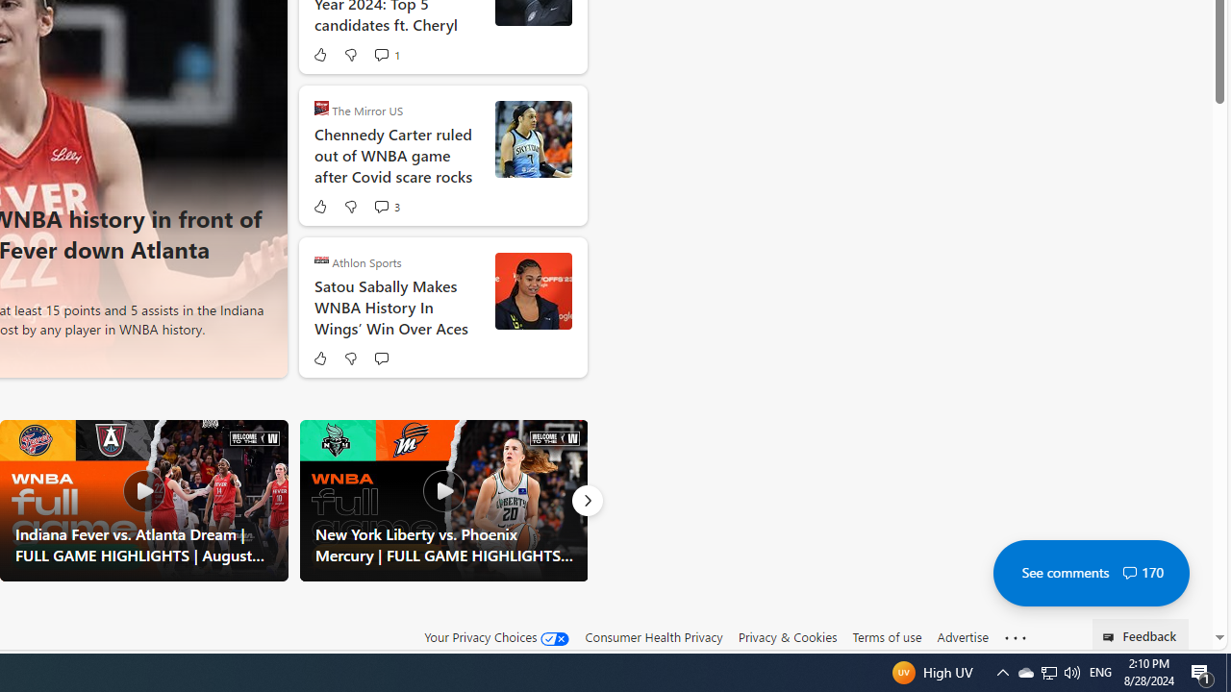 Image resolution: width=1231 pixels, height=692 pixels. Describe the element at coordinates (1141, 633) in the screenshot. I see `'Feedback'` at that location.